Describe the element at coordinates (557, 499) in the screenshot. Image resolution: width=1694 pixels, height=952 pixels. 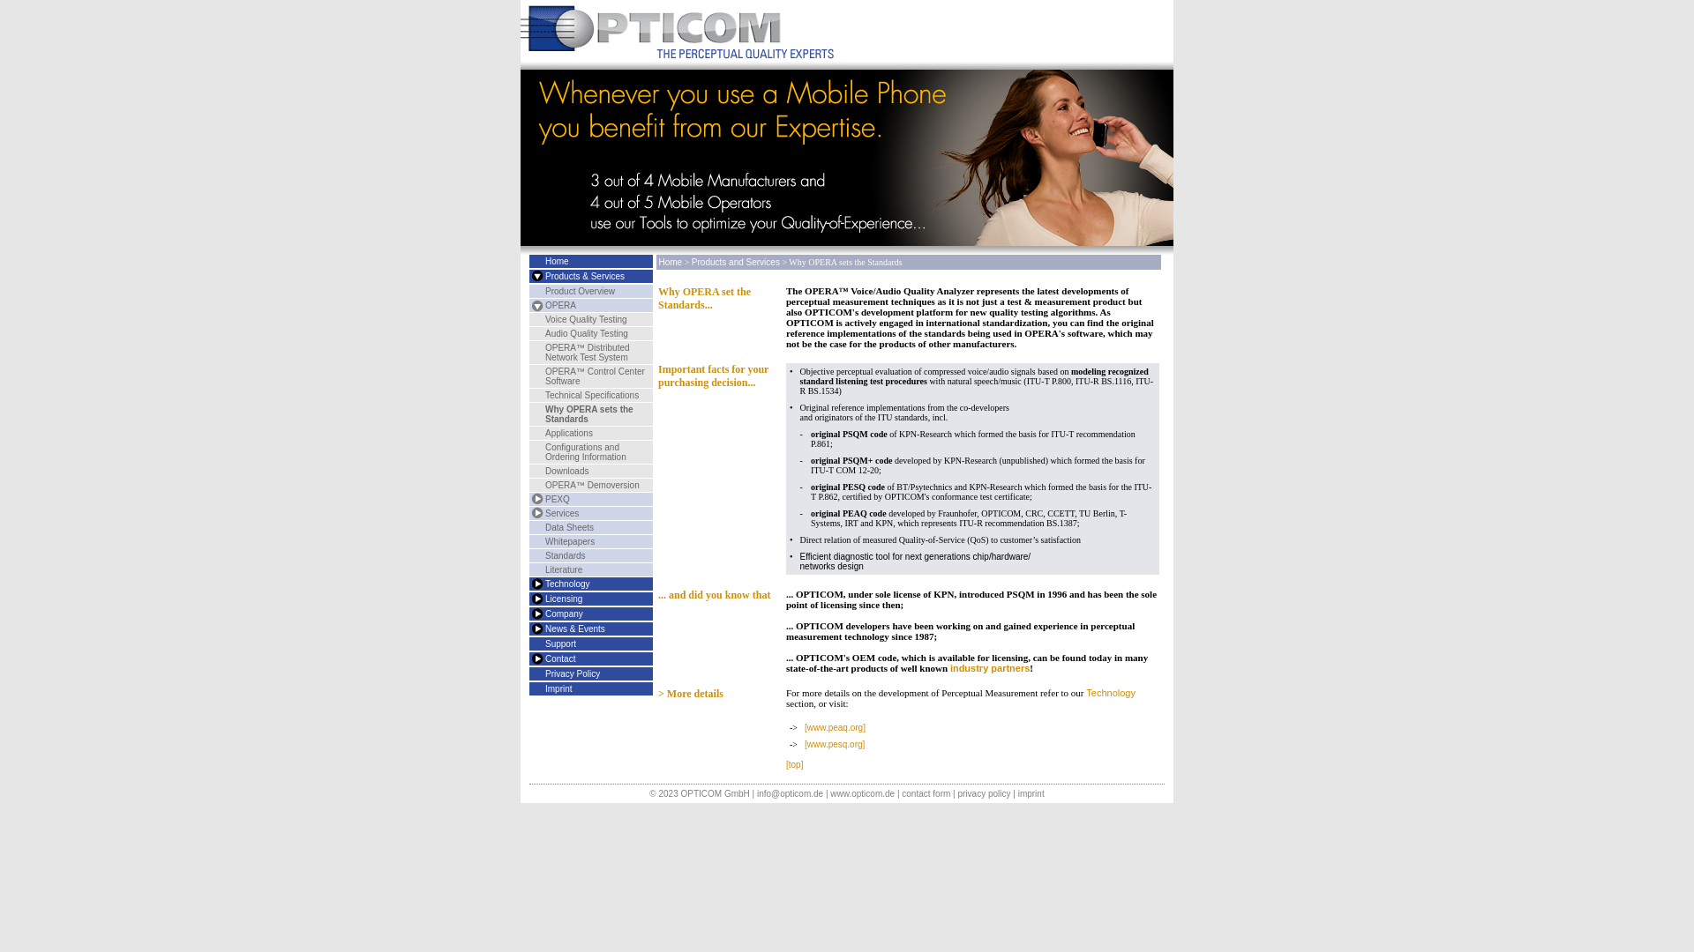
I see `'PEXQ'` at that location.